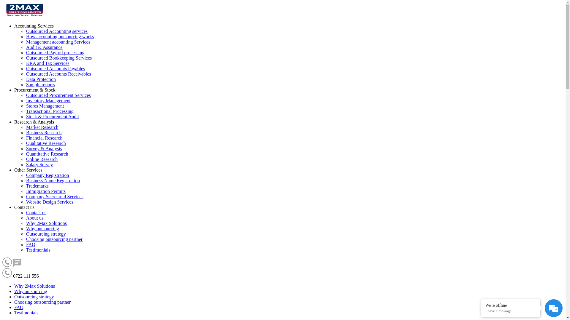 The height and width of the screenshot is (320, 570). What do you see at coordinates (50, 111) in the screenshot?
I see `'Transactional Processing'` at bounding box center [50, 111].